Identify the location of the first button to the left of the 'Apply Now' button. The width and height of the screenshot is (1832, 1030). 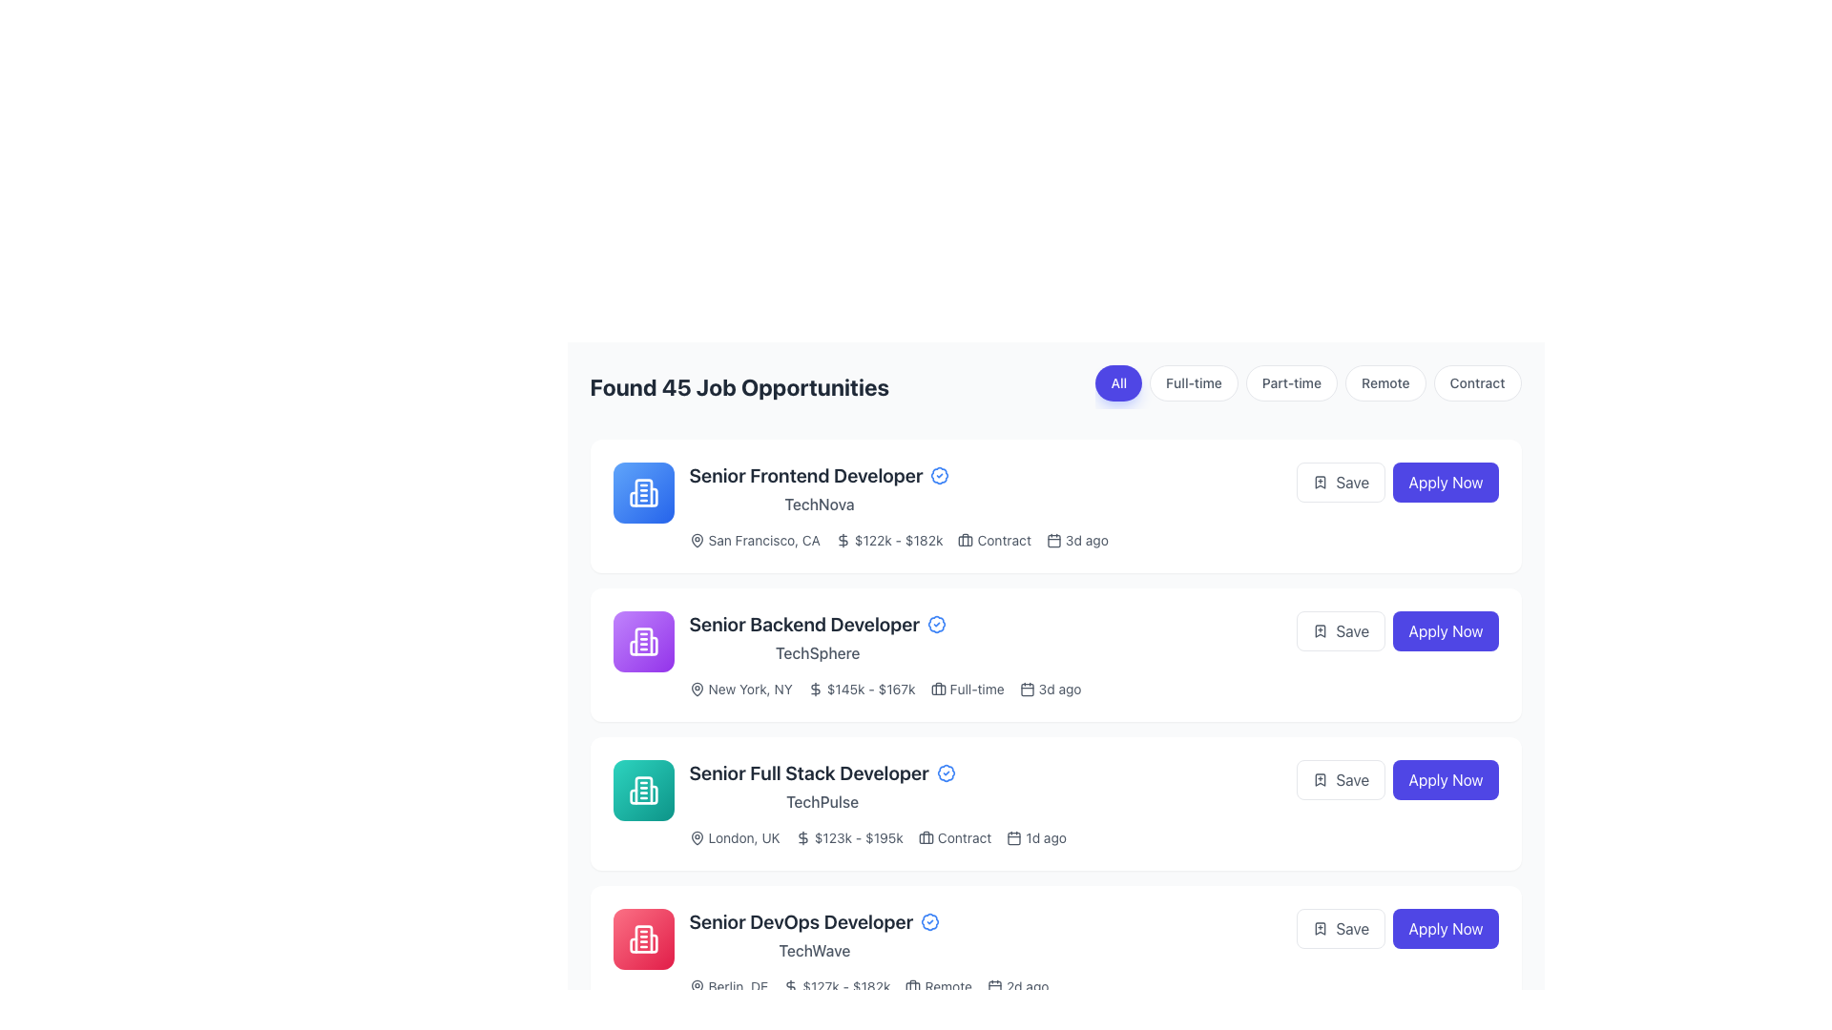
(1340, 481).